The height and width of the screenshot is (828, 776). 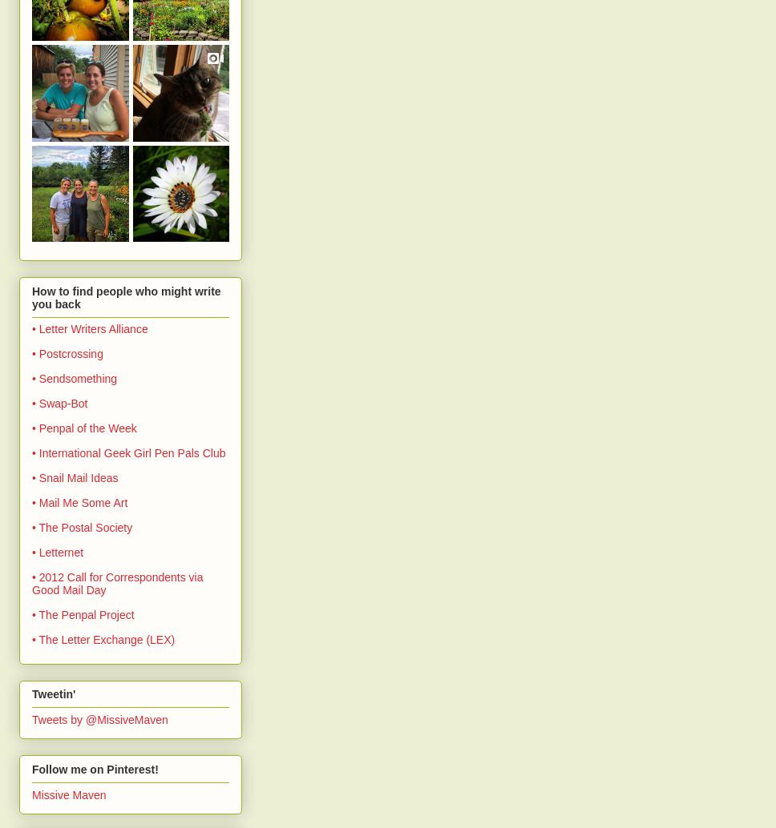 What do you see at coordinates (125, 295) in the screenshot?
I see `'How to find people who might write you back'` at bounding box center [125, 295].